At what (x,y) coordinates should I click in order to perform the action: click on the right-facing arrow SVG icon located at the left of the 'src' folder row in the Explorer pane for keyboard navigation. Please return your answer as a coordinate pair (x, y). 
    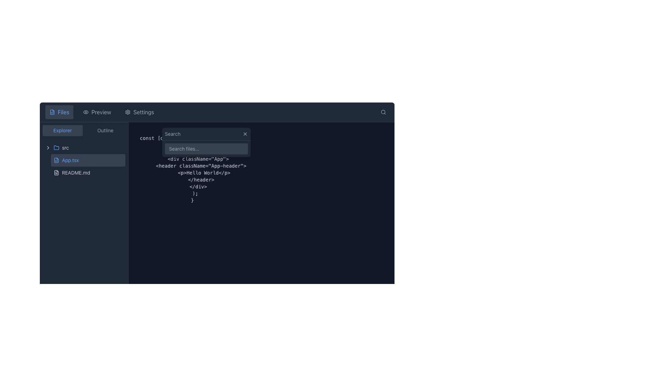
    Looking at the image, I should click on (48, 148).